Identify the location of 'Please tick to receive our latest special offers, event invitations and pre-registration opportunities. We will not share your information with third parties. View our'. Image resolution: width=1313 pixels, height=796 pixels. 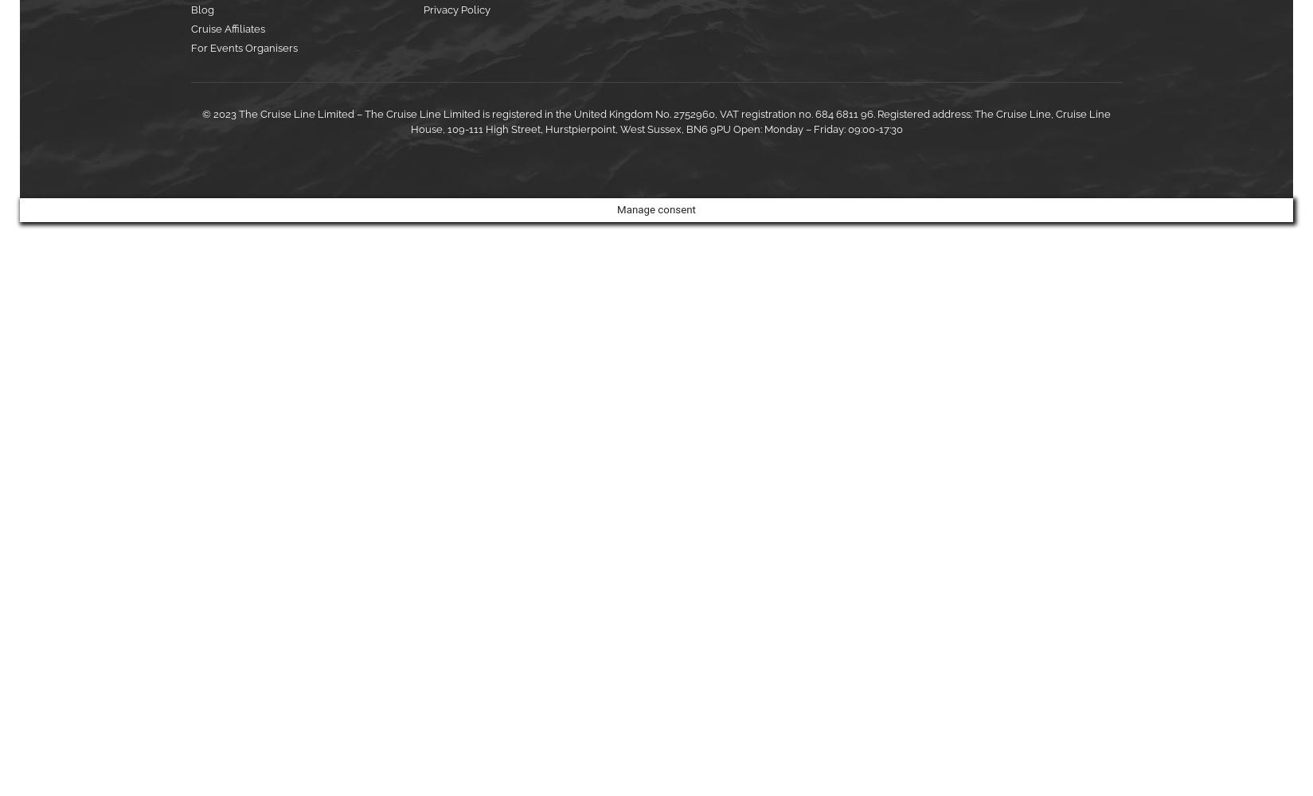
(656, 107).